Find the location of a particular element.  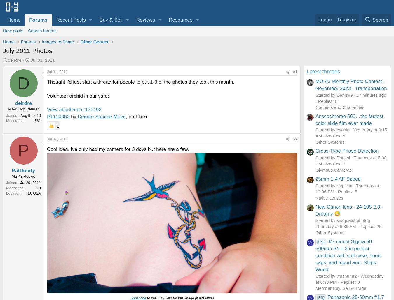

'Recent Posts' is located at coordinates (56, 20).